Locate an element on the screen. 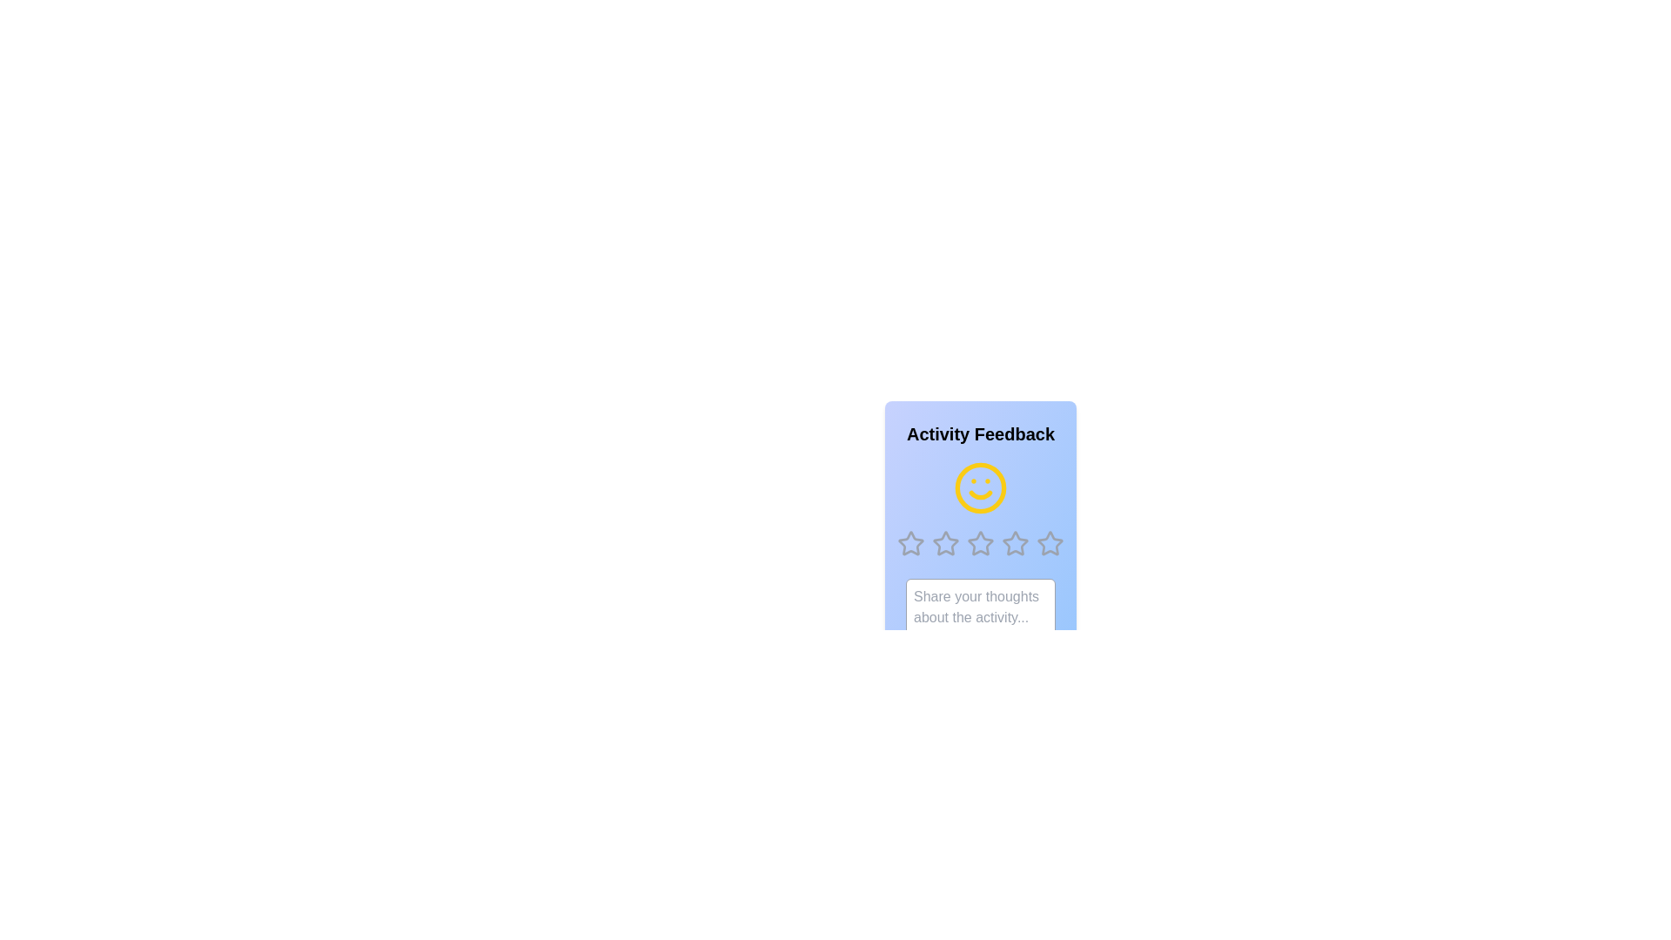 This screenshot has width=1671, height=940. the third Rating star icon in the star rating component located below the 'Activity Feedback' text and smiling face icon is located at coordinates (981, 542).